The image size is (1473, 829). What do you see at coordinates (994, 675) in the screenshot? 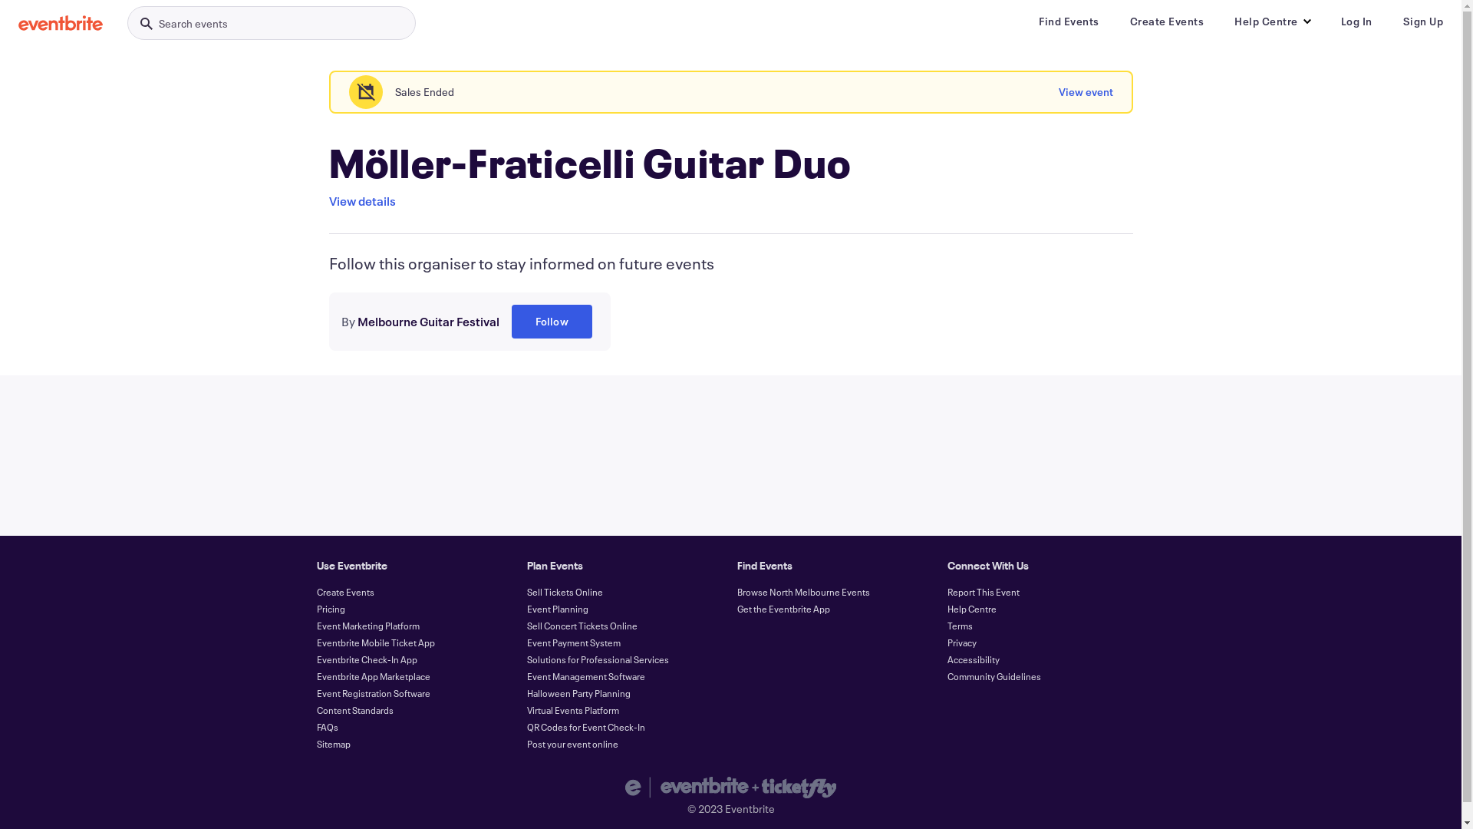
I see `'Community Guidelines'` at bounding box center [994, 675].